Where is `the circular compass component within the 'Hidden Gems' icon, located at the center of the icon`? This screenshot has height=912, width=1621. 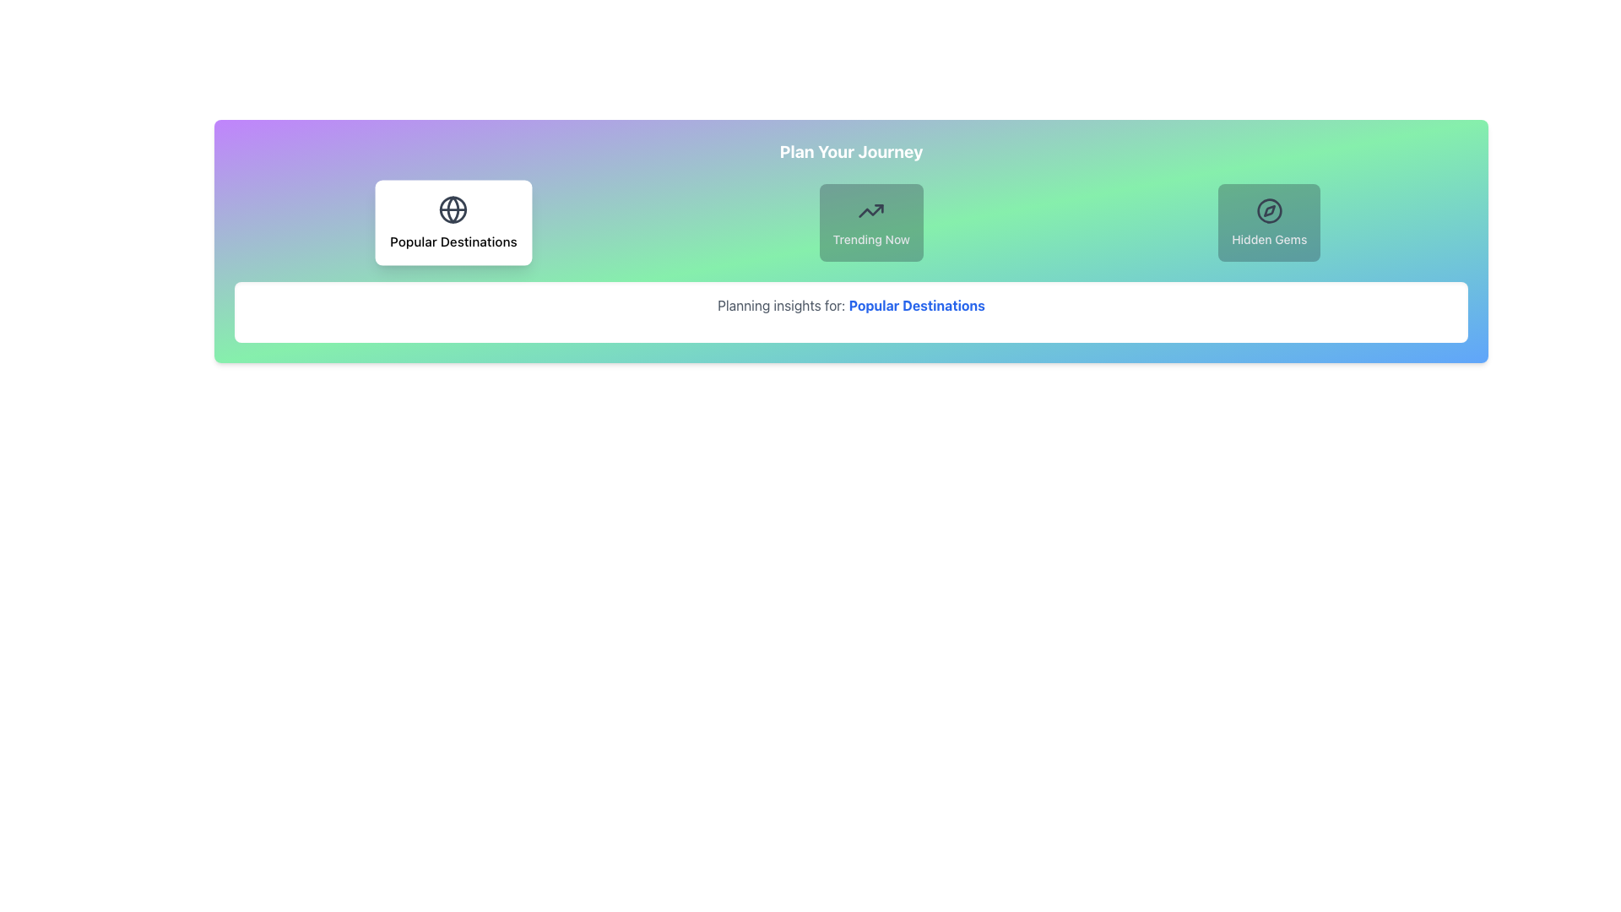 the circular compass component within the 'Hidden Gems' icon, located at the center of the icon is located at coordinates (1269, 210).